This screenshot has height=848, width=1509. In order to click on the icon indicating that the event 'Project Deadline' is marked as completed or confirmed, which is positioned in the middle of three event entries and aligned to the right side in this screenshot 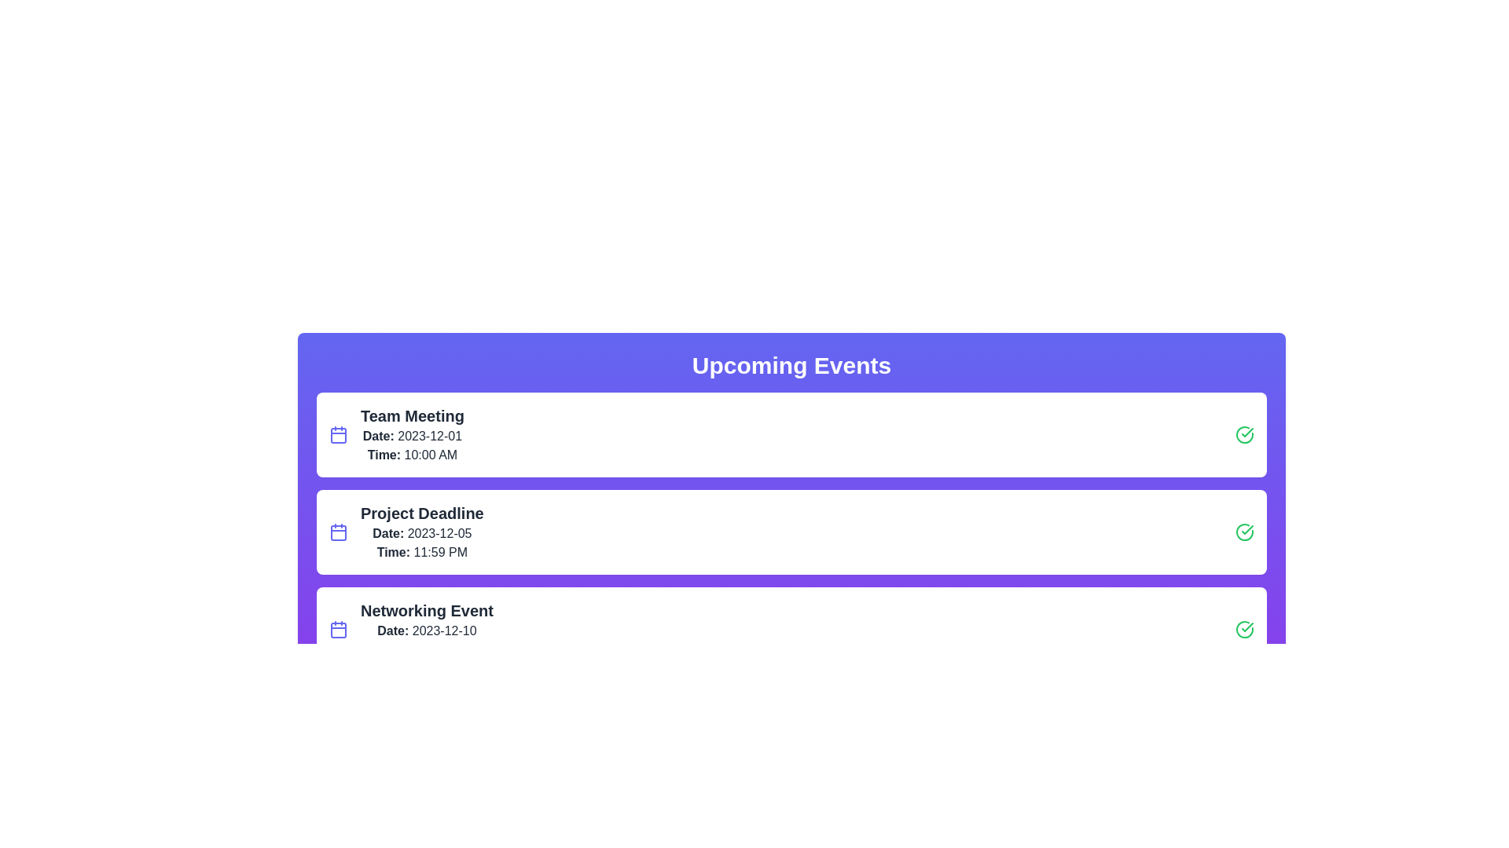, I will do `click(1244, 532)`.